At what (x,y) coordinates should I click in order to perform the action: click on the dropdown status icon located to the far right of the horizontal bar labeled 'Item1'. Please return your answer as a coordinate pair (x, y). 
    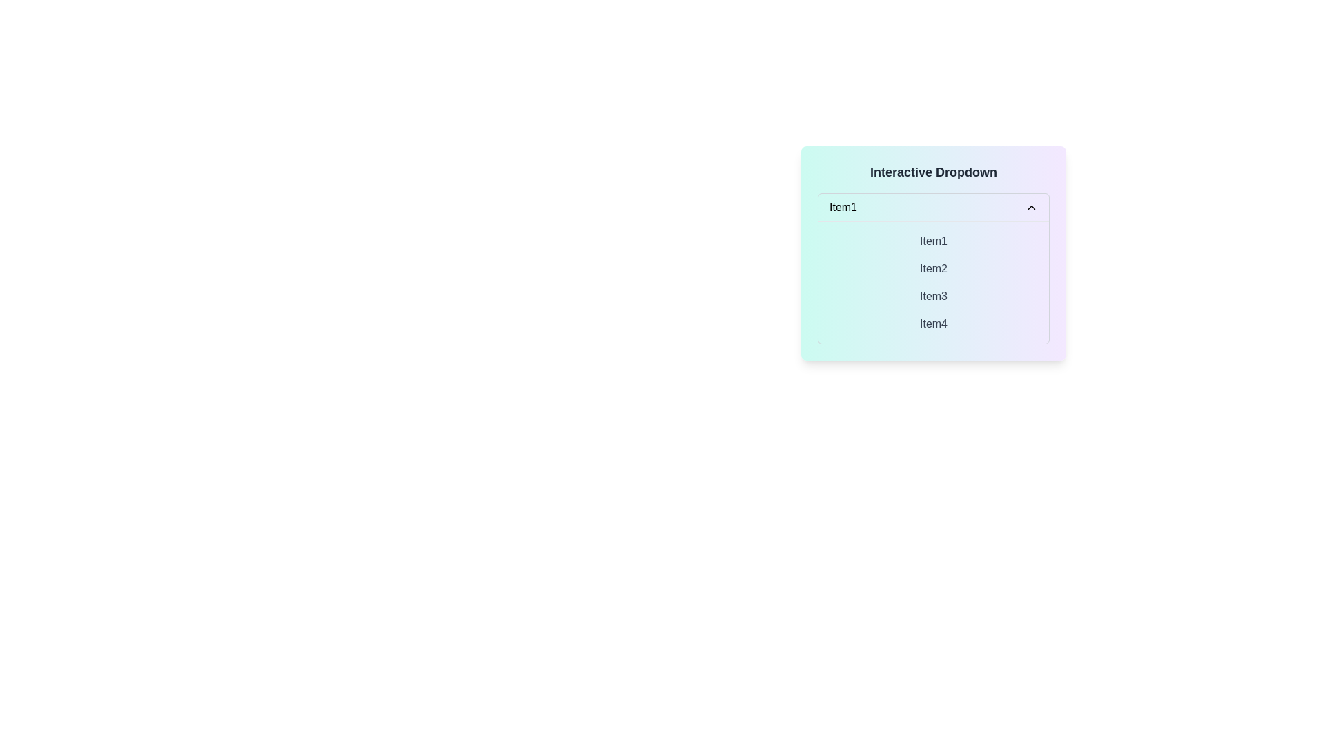
    Looking at the image, I should click on (1031, 207).